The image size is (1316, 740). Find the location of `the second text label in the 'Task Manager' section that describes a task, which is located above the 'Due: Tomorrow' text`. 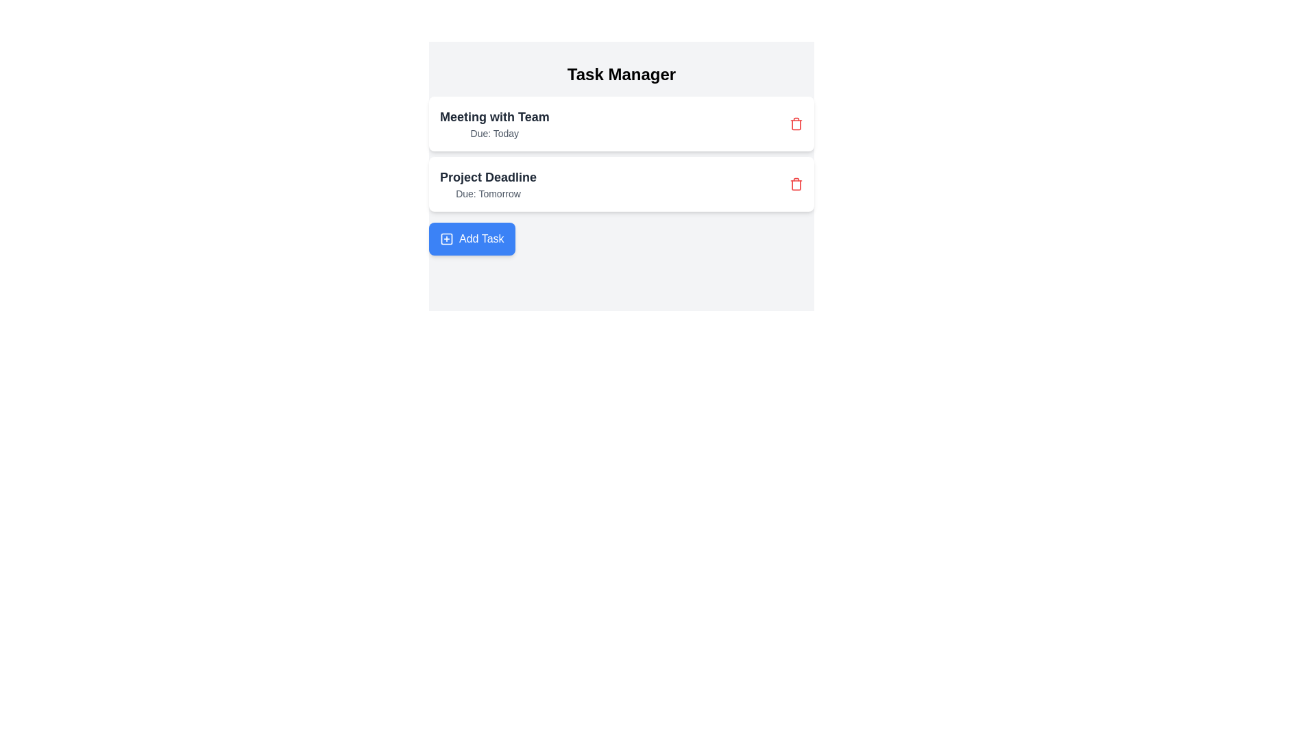

the second text label in the 'Task Manager' section that describes a task, which is located above the 'Due: Tomorrow' text is located at coordinates (488, 176).